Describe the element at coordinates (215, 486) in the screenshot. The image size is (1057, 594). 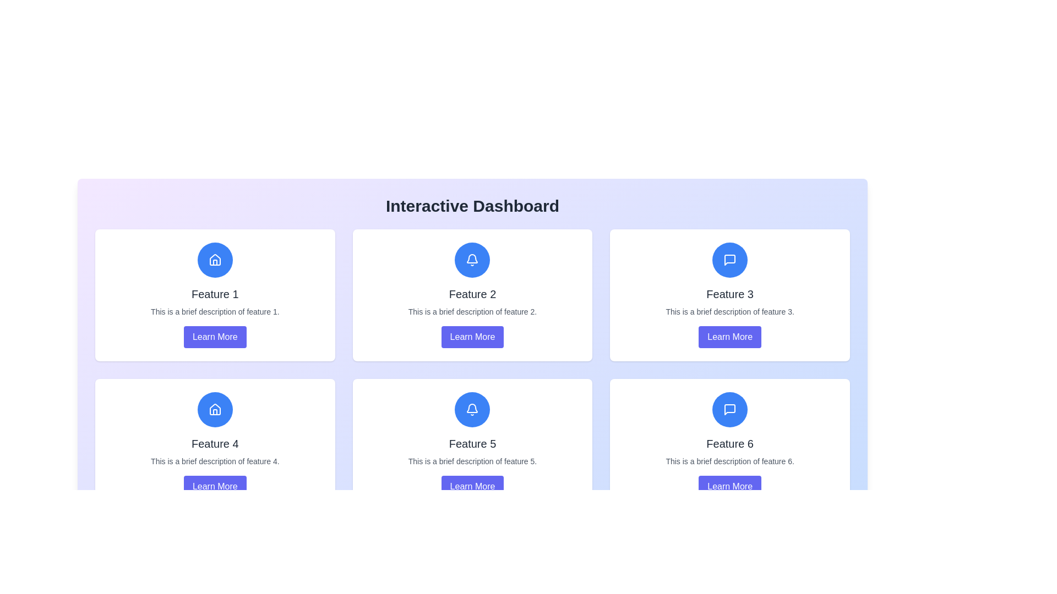
I see `the rectangular button labeled 'Learn More' with white text on a blue background, located at the bottom of the content pane for 'Feature 4', to load more content` at that location.